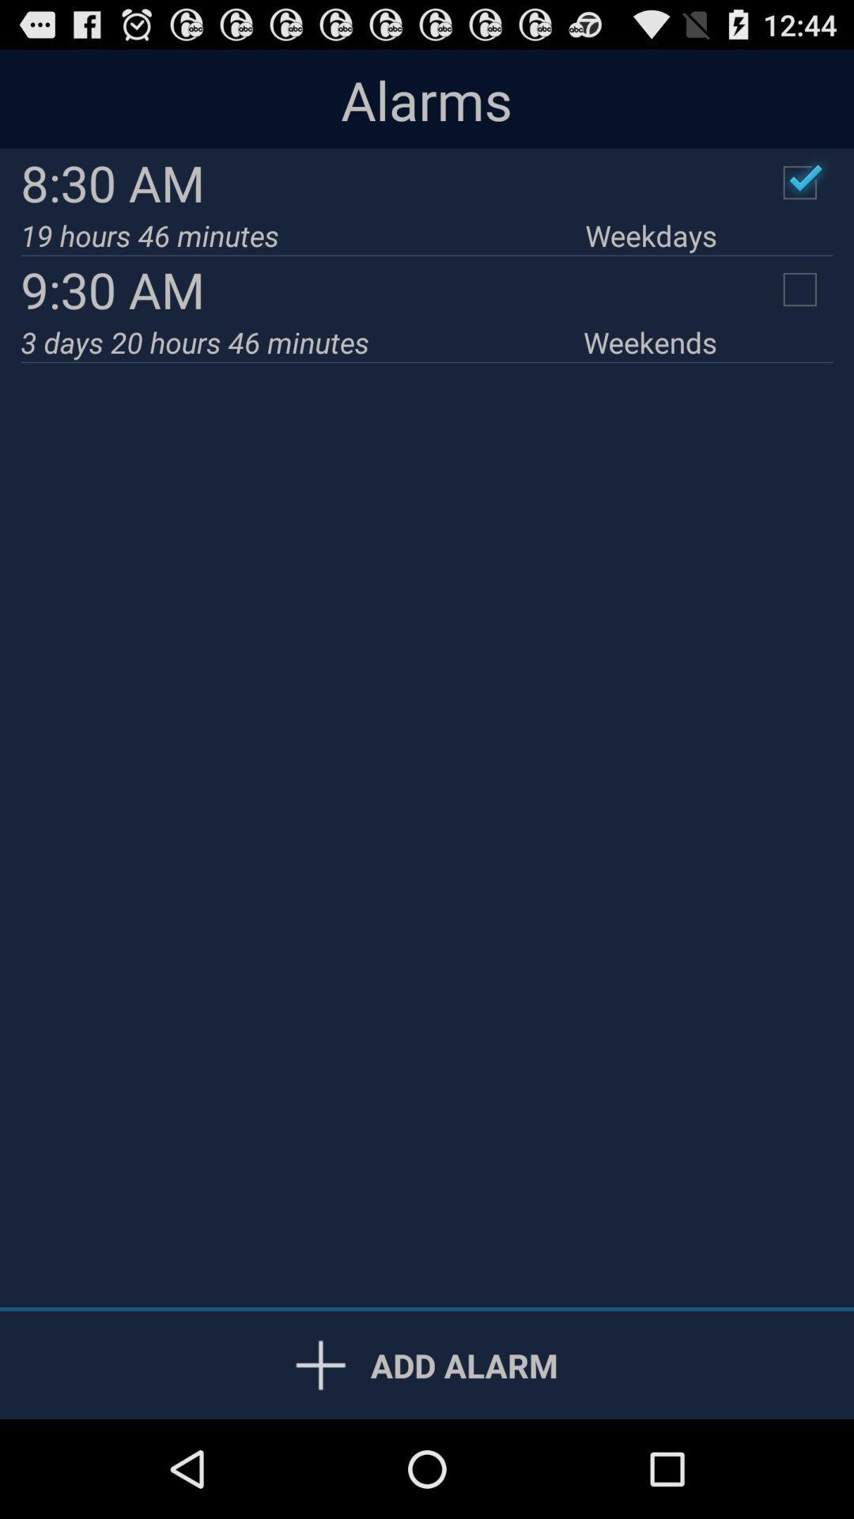 The height and width of the screenshot is (1519, 854). What do you see at coordinates (799, 182) in the screenshot?
I see `alarm` at bounding box center [799, 182].